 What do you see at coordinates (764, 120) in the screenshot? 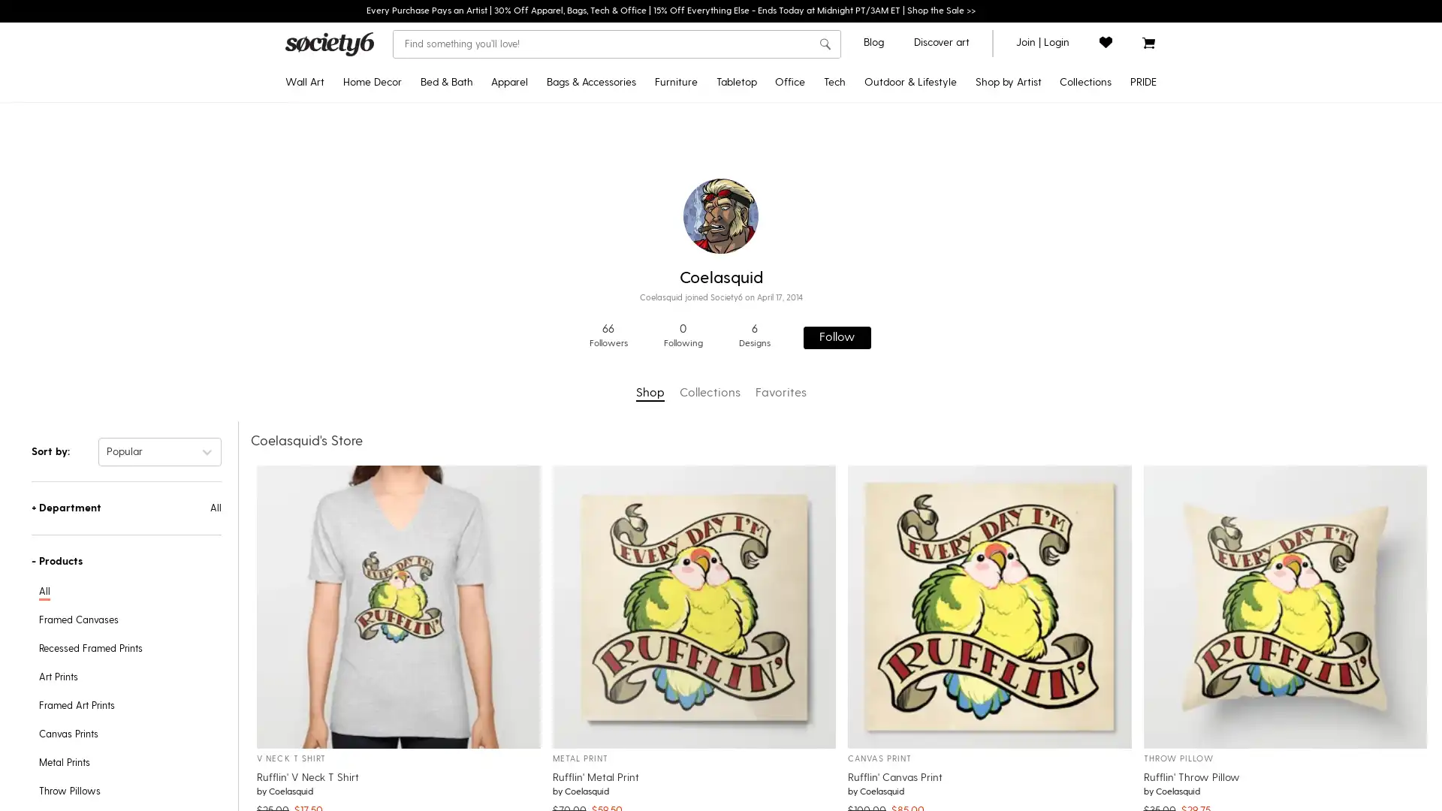
I see `Coffee Mugs` at bounding box center [764, 120].